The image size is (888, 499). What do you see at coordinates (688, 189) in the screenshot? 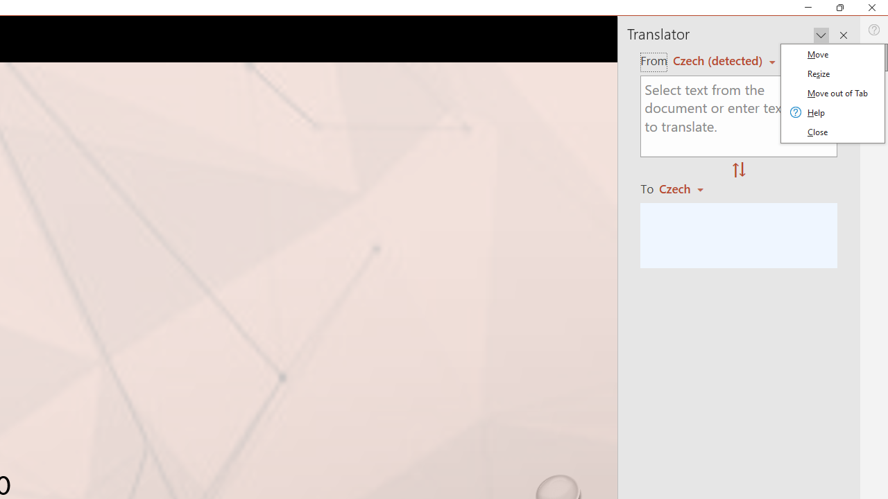
I see `'Czech'` at bounding box center [688, 189].